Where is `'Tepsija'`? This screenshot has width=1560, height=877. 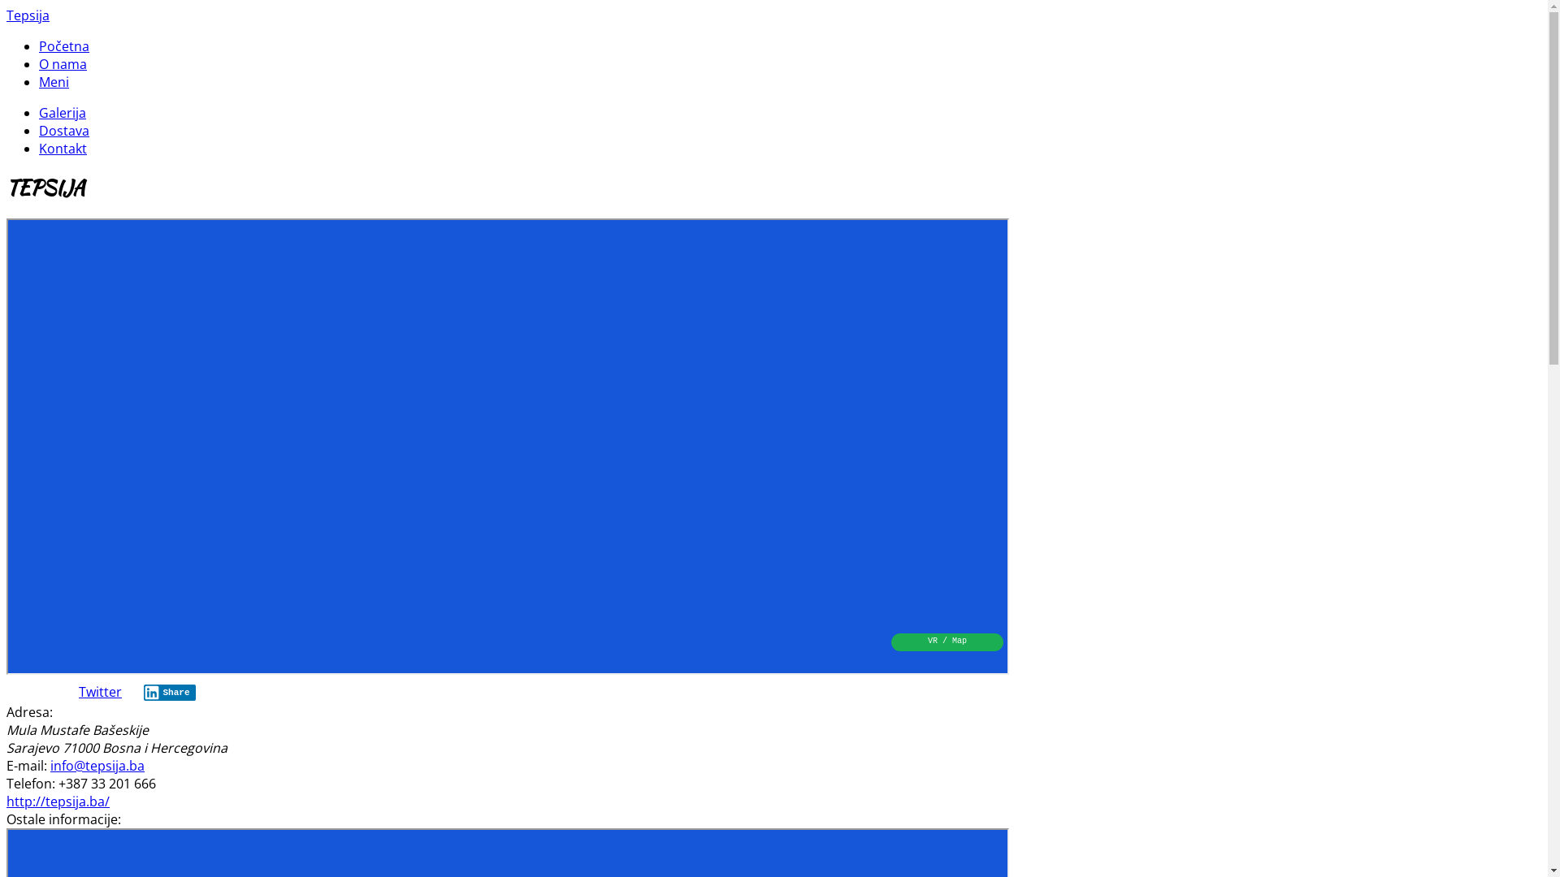 'Tepsija' is located at coordinates (28, 15).